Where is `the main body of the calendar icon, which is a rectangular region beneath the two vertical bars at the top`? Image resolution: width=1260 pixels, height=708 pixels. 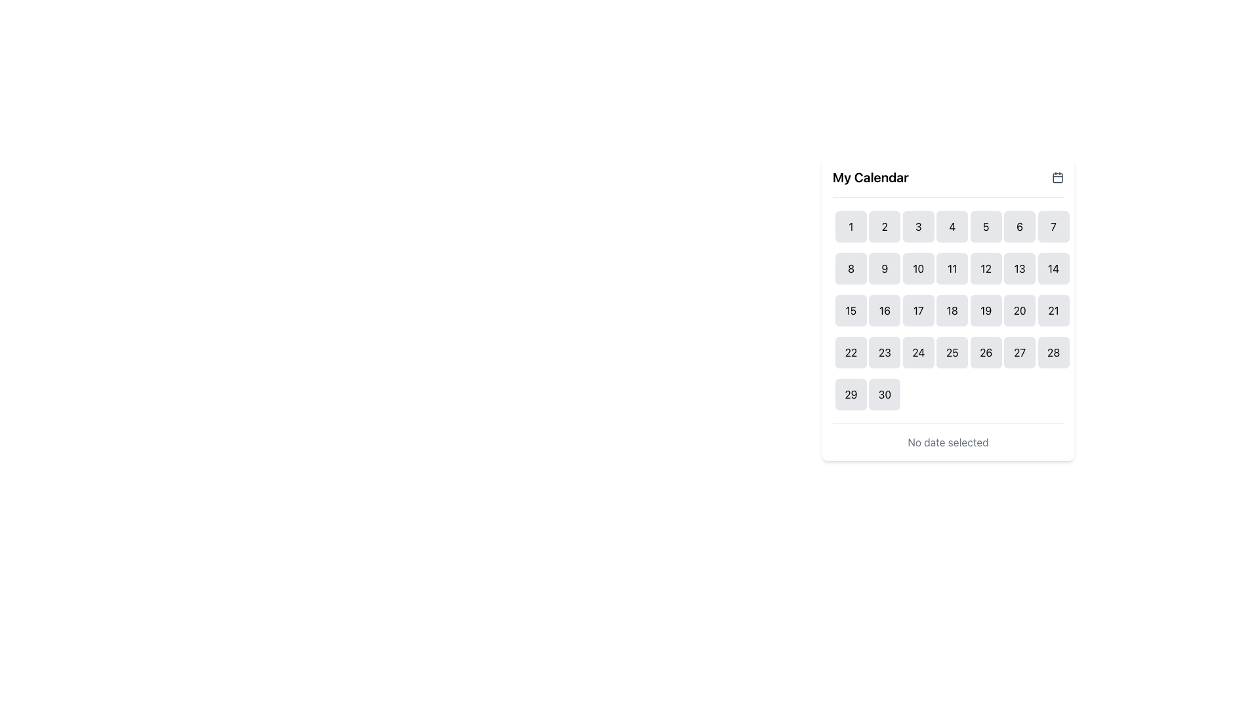 the main body of the calendar icon, which is a rectangular region beneath the two vertical bars at the top is located at coordinates (1058, 178).